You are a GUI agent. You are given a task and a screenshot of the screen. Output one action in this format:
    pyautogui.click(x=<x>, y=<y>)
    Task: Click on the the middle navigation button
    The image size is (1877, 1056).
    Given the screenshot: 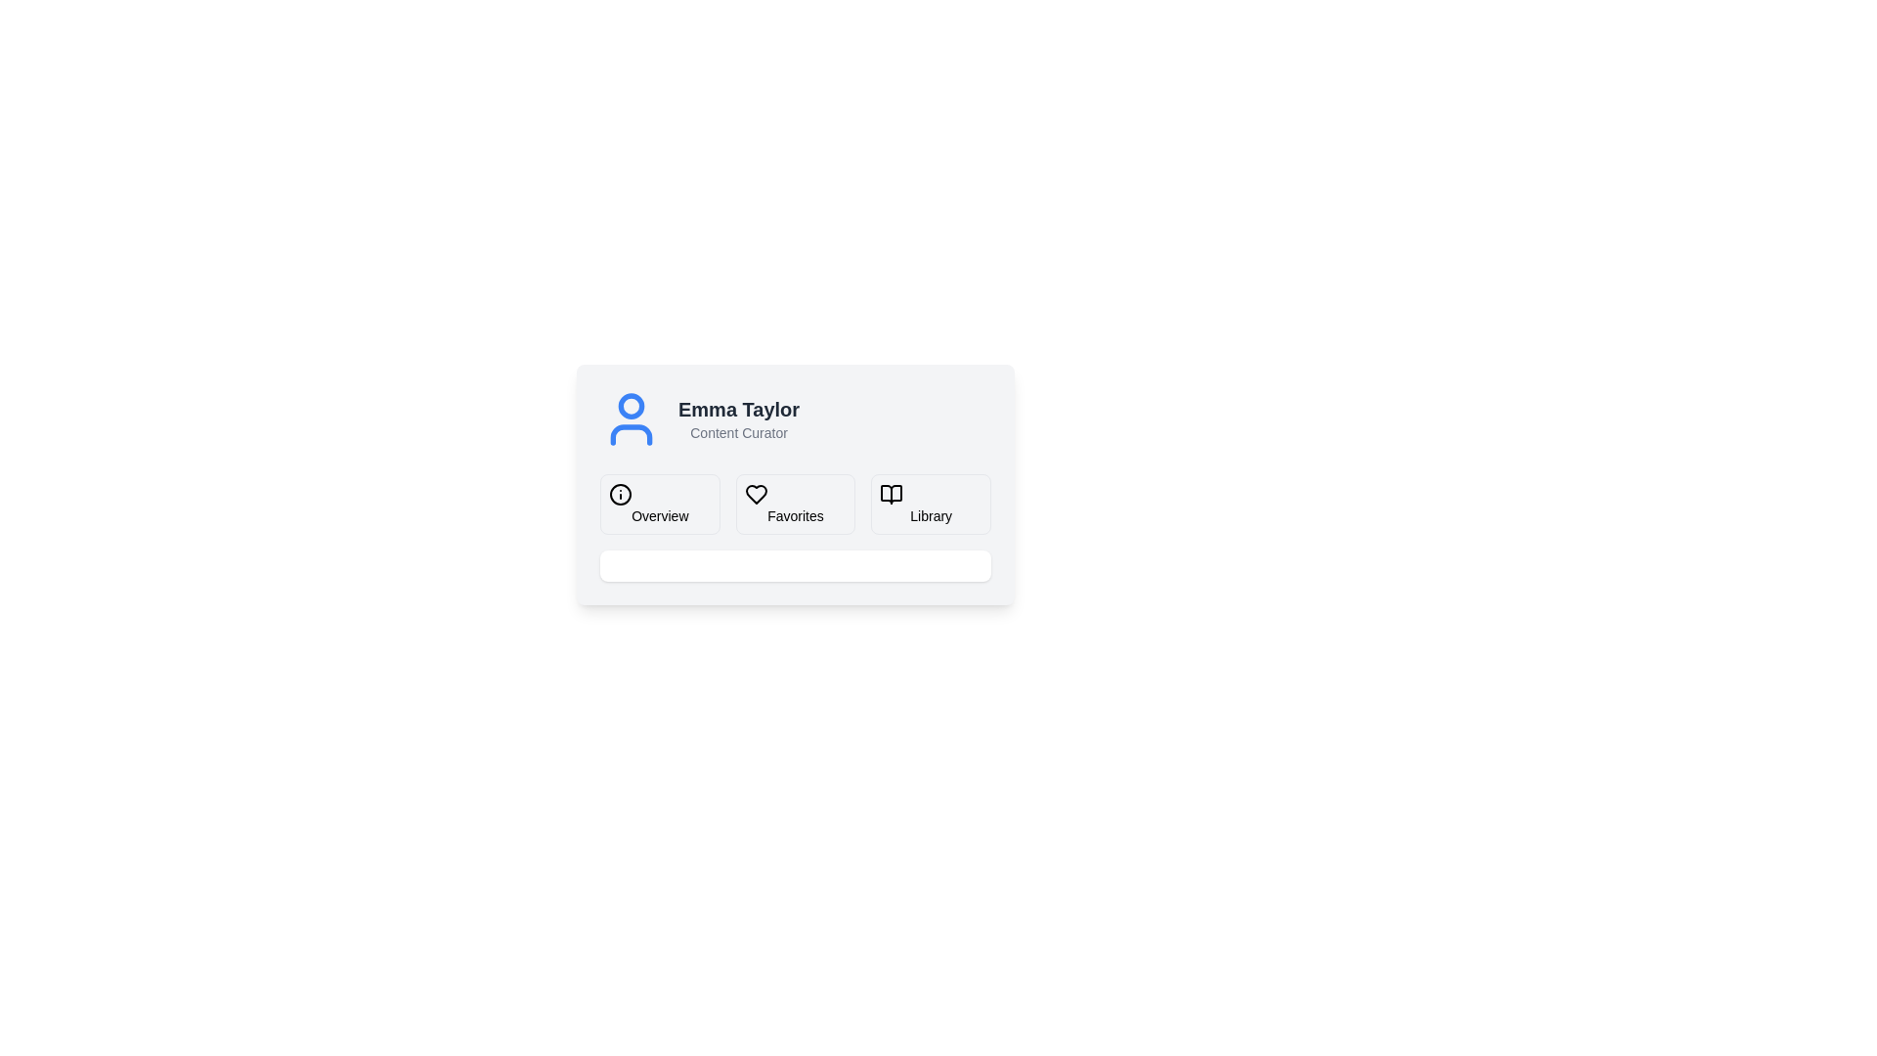 What is the action you would take?
    pyautogui.click(x=796, y=528)
    